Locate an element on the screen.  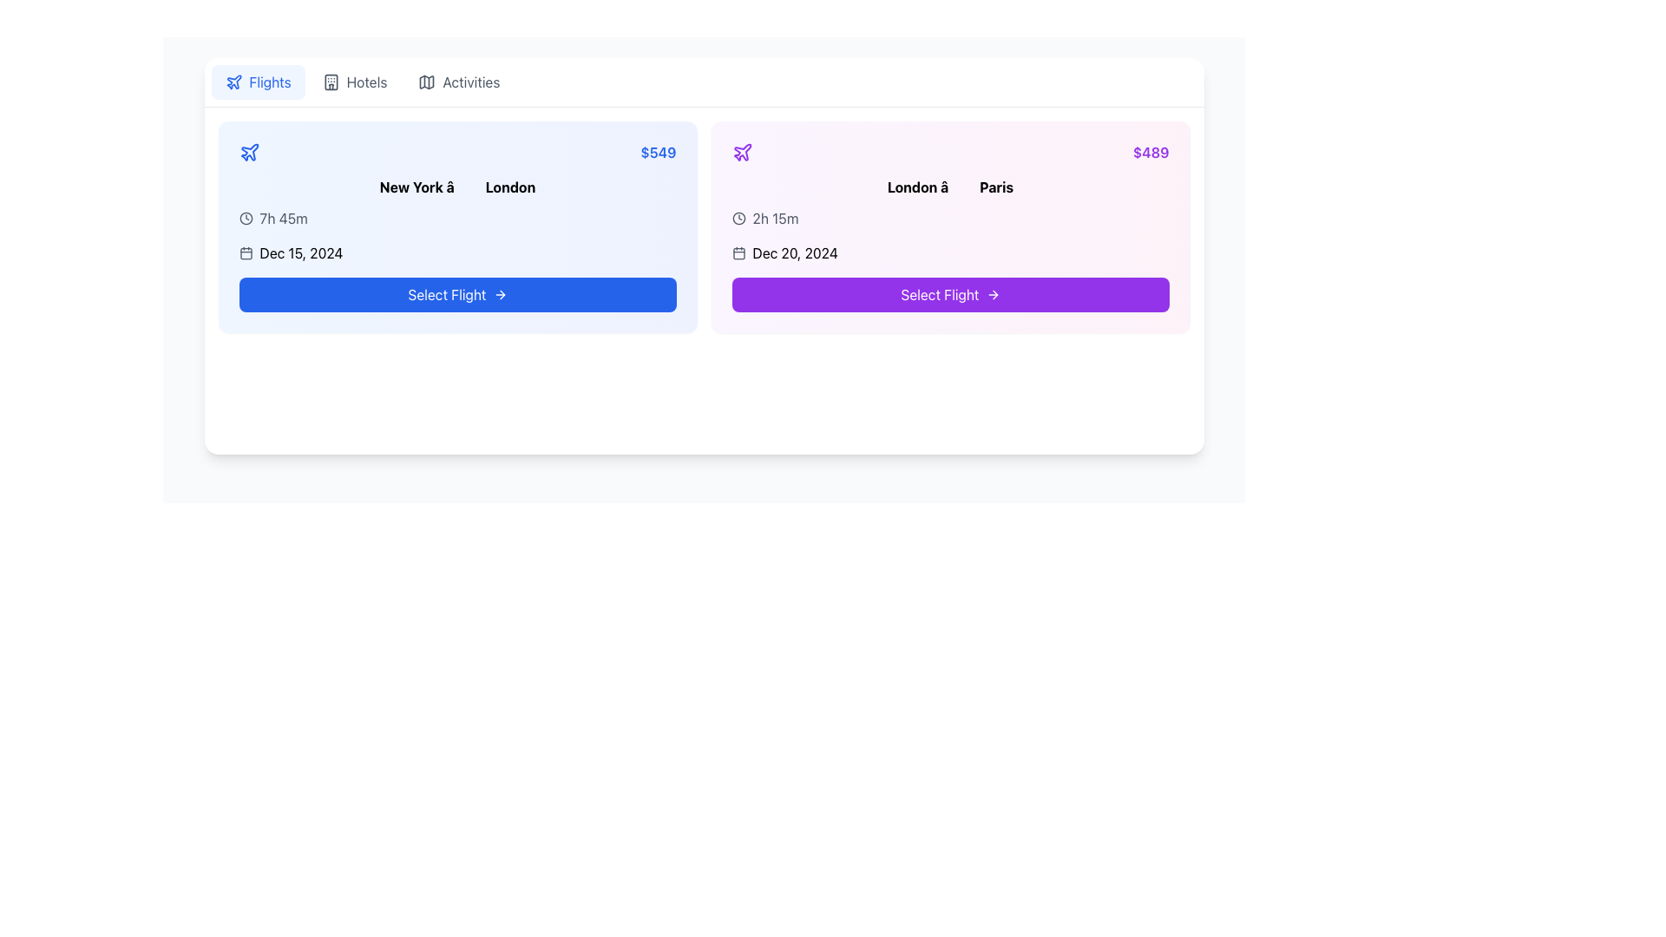
the rounded rectangle element within the calendar icon, which is characterized by its minimalistic design and is positioned centrally in the calendar layout is located at coordinates (738, 253).